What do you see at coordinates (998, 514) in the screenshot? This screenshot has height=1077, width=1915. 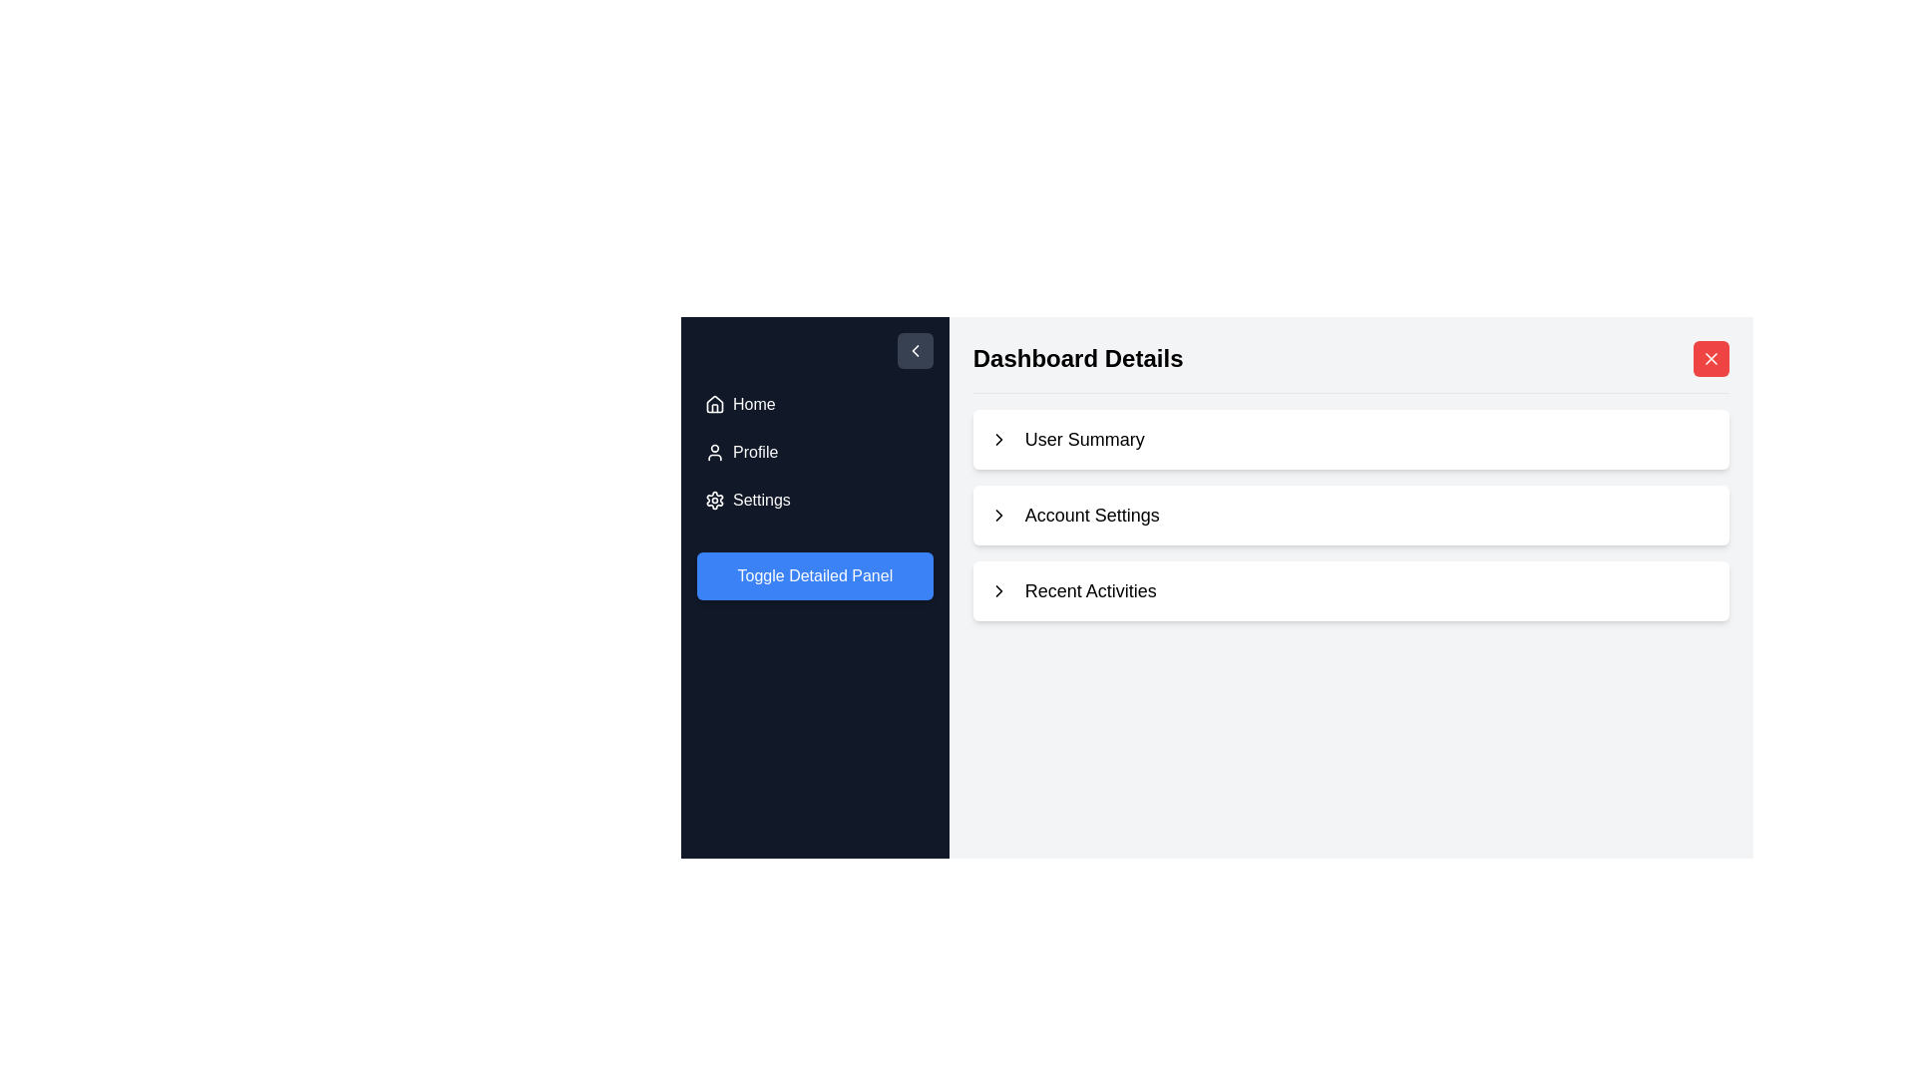 I see `the rightward-pointing chevron arrow icon, which is part of the navigation control adjacent to the 'Account Settings' in the 'Dashboard Details' panel` at bounding box center [998, 514].